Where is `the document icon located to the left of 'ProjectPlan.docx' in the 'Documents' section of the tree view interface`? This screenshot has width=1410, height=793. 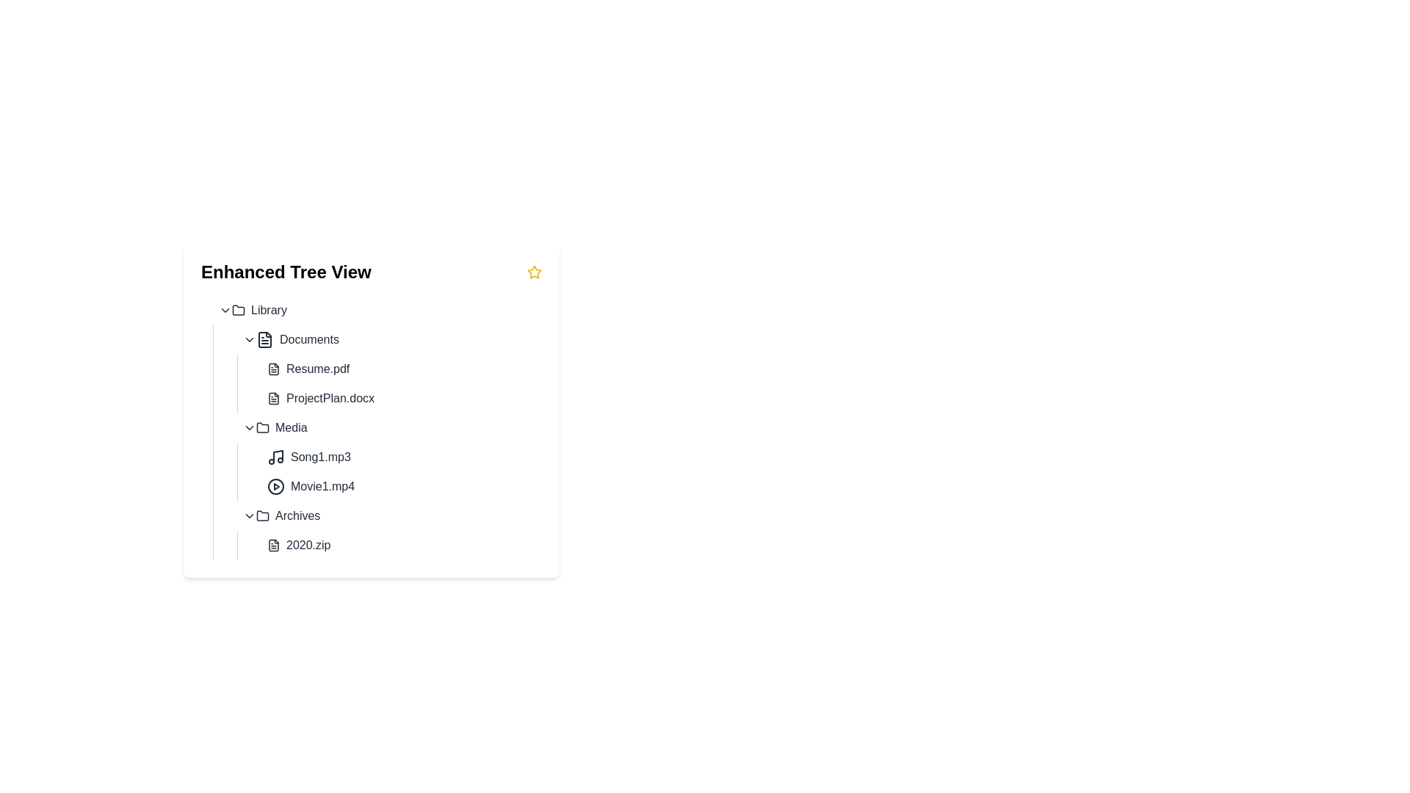
the document icon located to the left of 'ProjectPlan.docx' in the 'Documents' section of the tree view interface is located at coordinates (274, 399).